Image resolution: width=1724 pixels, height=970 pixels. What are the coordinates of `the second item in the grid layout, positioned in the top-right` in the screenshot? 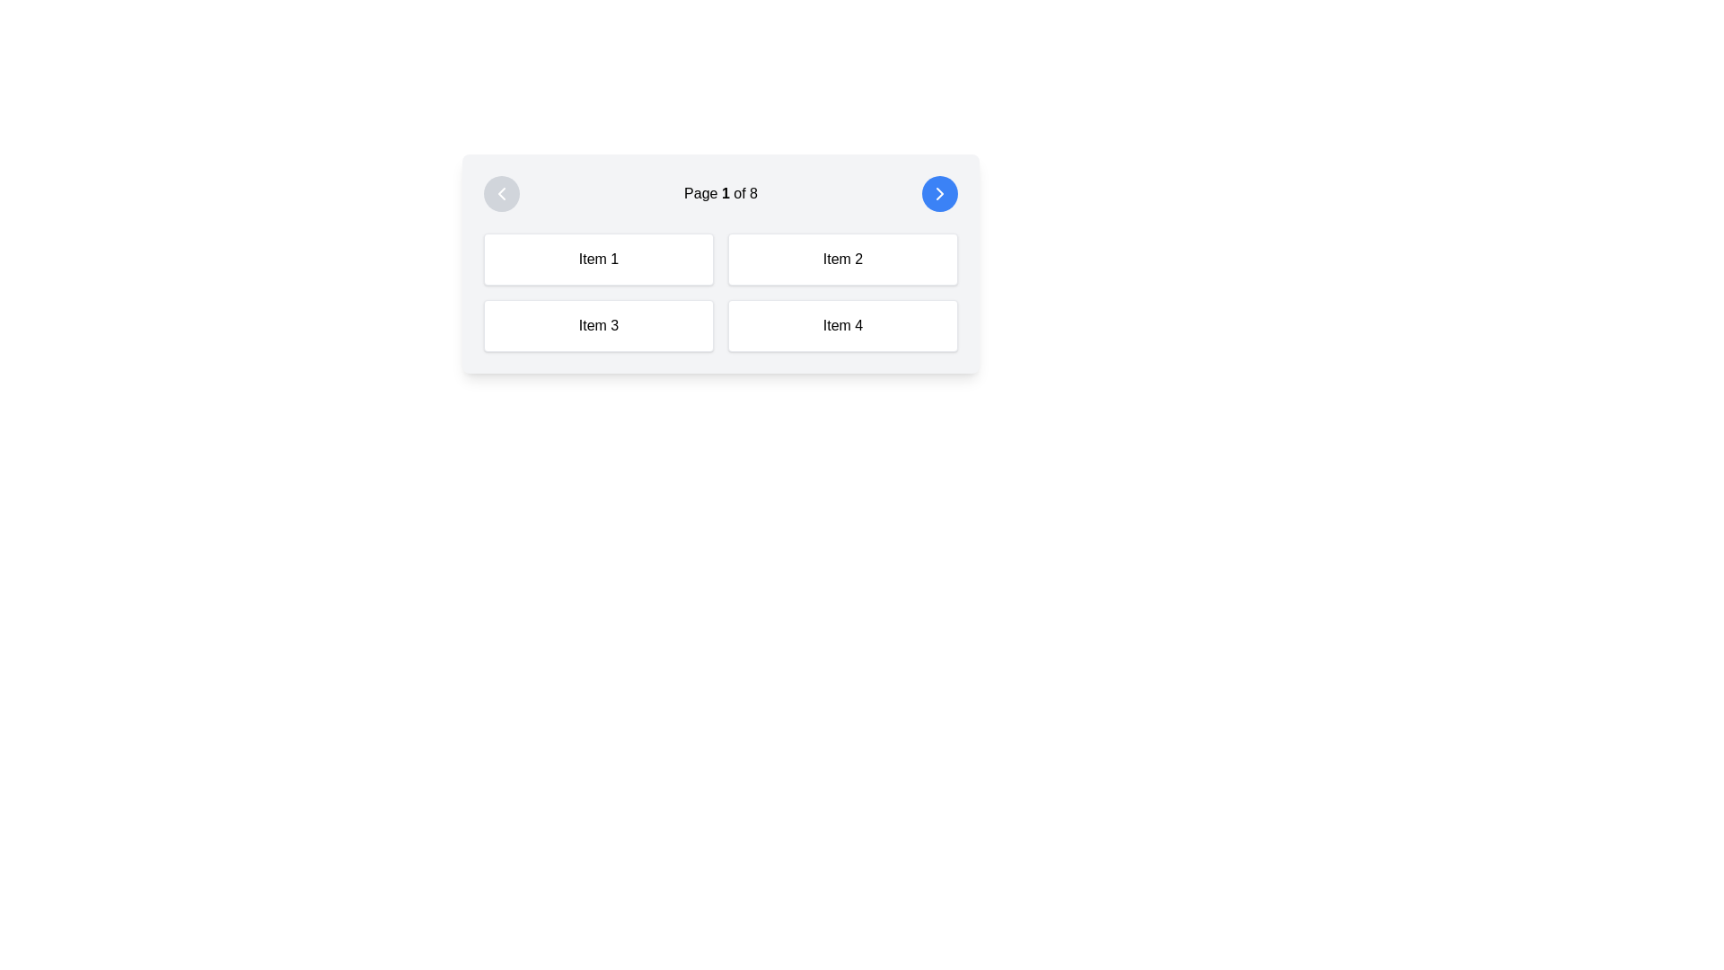 It's located at (842, 260).